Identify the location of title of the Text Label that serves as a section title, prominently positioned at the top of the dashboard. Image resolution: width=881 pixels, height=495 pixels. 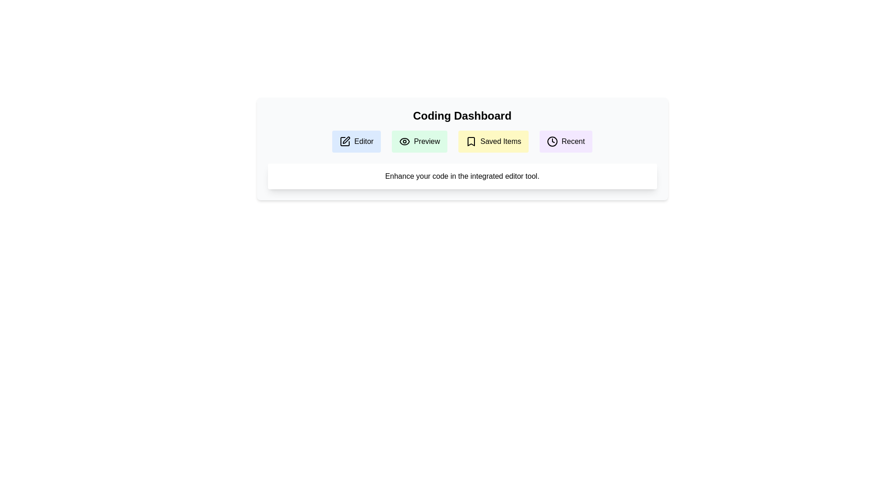
(462, 115).